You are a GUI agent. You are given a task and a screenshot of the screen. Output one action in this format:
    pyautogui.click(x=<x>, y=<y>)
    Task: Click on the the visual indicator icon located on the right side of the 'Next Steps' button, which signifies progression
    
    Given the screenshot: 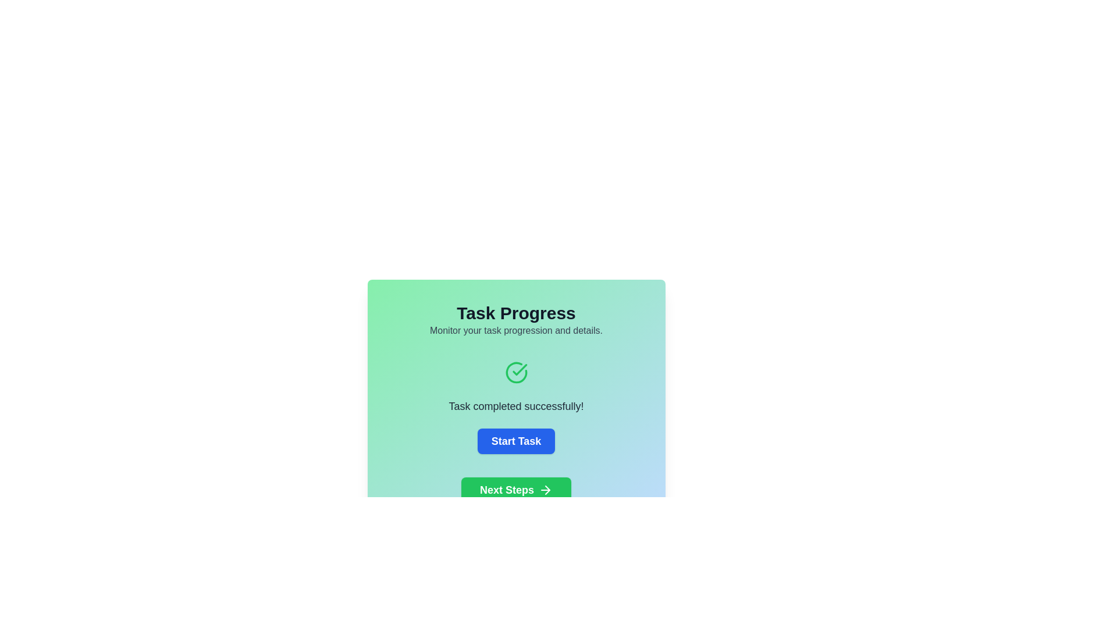 What is the action you would take?
    pyautogui.click(x=545, y=490)
    